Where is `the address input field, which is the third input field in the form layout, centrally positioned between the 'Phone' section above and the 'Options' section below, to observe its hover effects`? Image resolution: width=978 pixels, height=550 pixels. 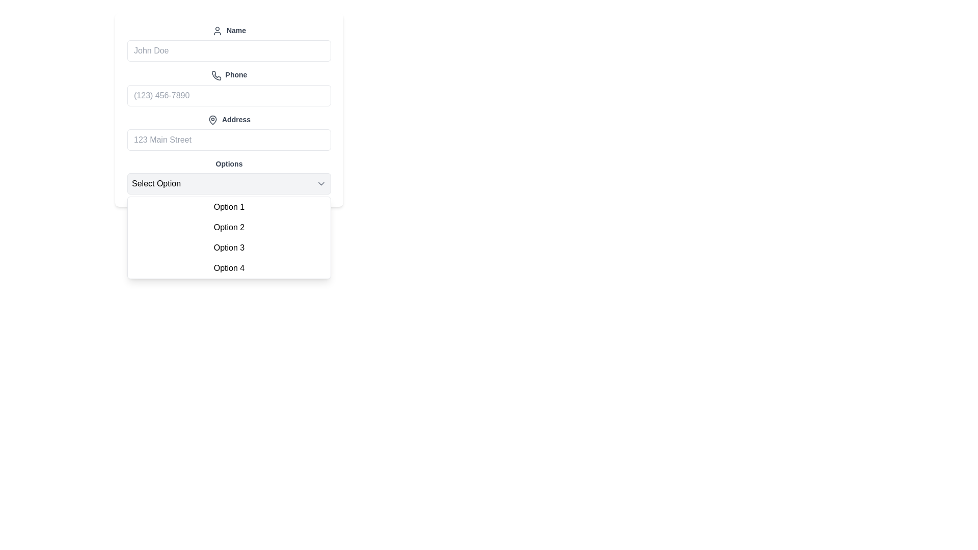
the address input field, which is the third input field in the form layout, centrally positioned between the 'Phone' section above and the 'Options' section below, to observe its hover effects is located at coordinates (229, 131).